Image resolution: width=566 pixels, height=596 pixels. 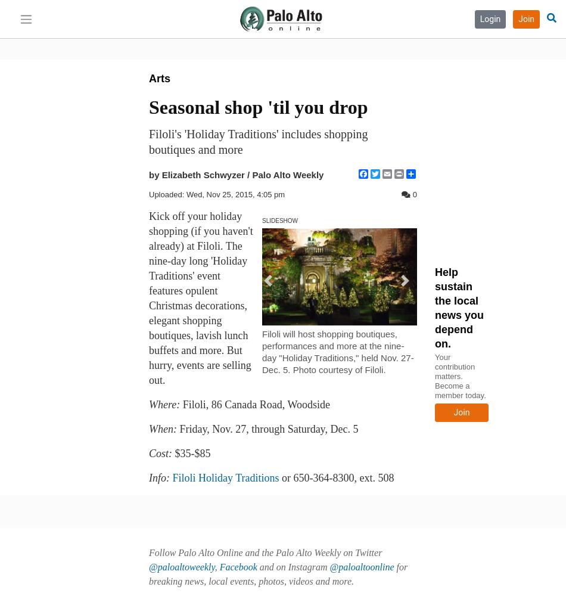 I want to click on 'Help sustain the local news you depend on.', so click(x=459, y=308).